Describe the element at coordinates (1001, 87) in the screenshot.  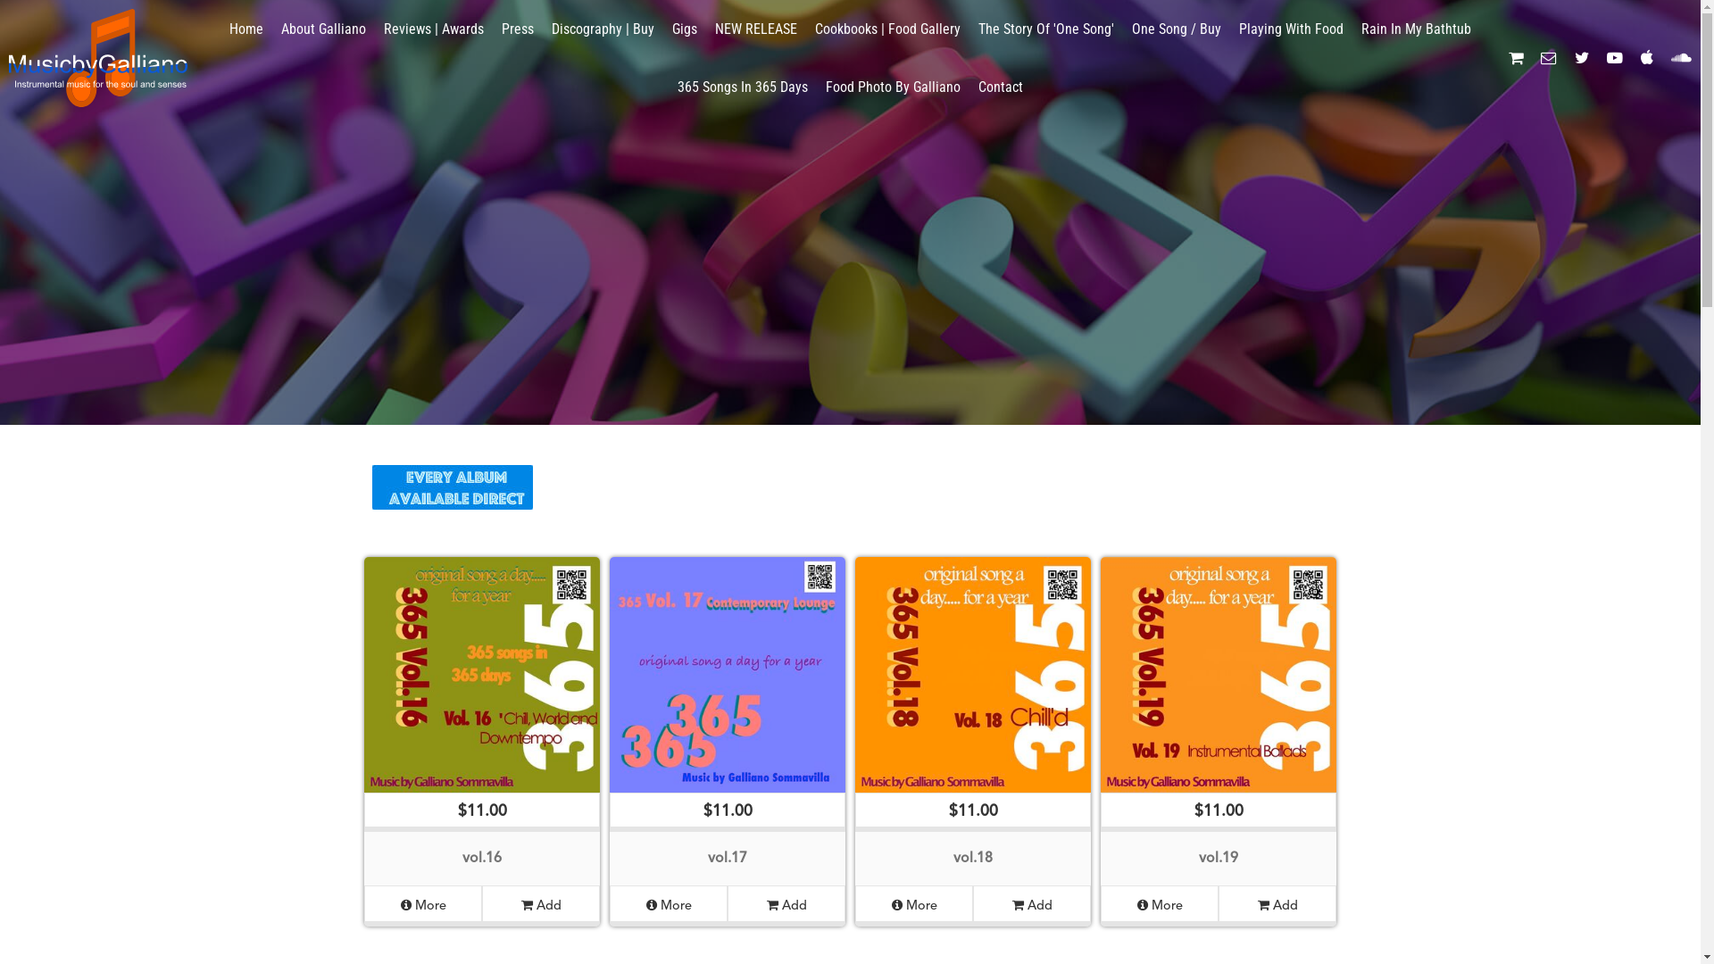
I see `'Contact'` at that location.